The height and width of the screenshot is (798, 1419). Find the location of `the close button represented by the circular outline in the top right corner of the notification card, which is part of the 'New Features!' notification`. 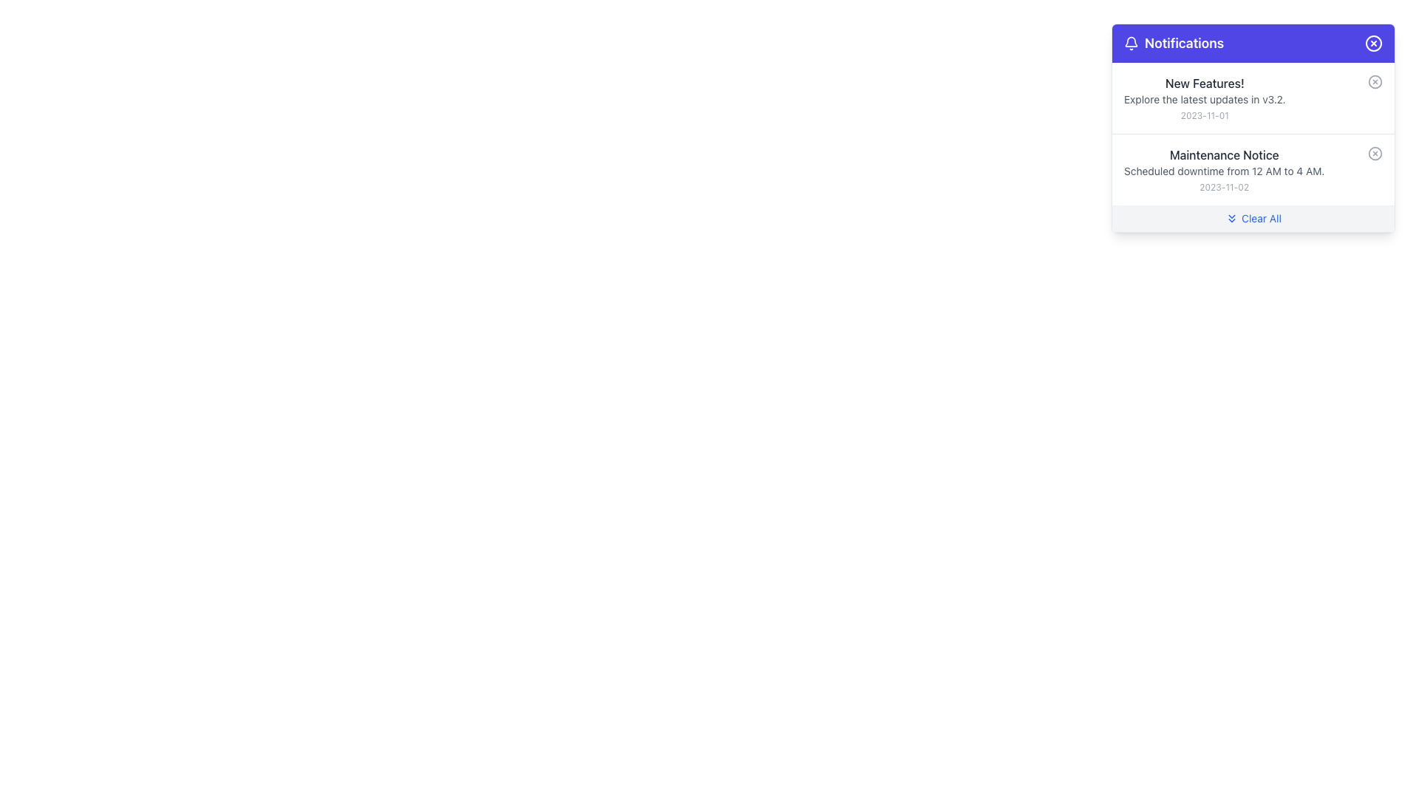

the close button represented by the circular outline in the top right corner of the notification card, which is part of the 'New Features!' notification is located at coordinates (1375, 82).